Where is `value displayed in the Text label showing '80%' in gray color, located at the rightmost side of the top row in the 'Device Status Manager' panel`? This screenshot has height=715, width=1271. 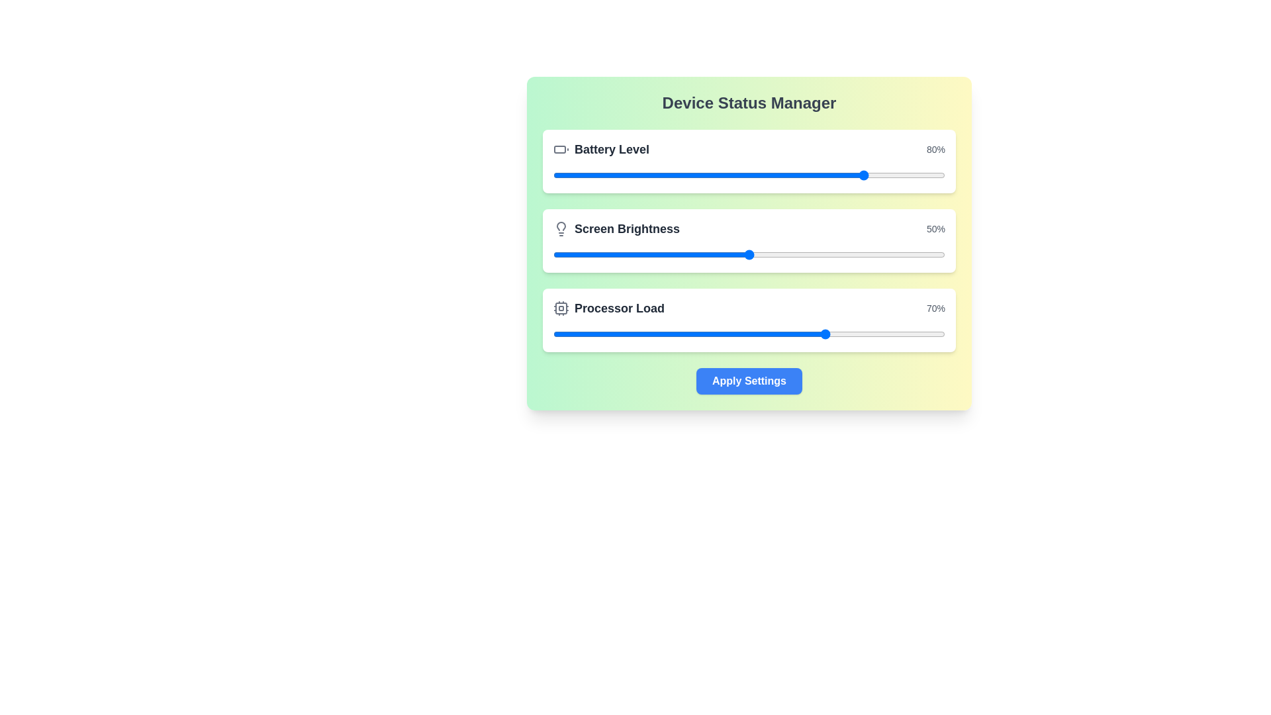 value displayed in the Text label showing '80%' in gray color, located at the rightmost side of the top row in the 'Device Status Manager' panel is located at coordinates (935, 149).